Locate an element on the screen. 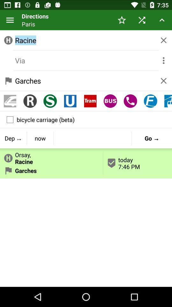 This screenshot has height=307, width=172. item below the garches icon is located at coordinates (90, 101).